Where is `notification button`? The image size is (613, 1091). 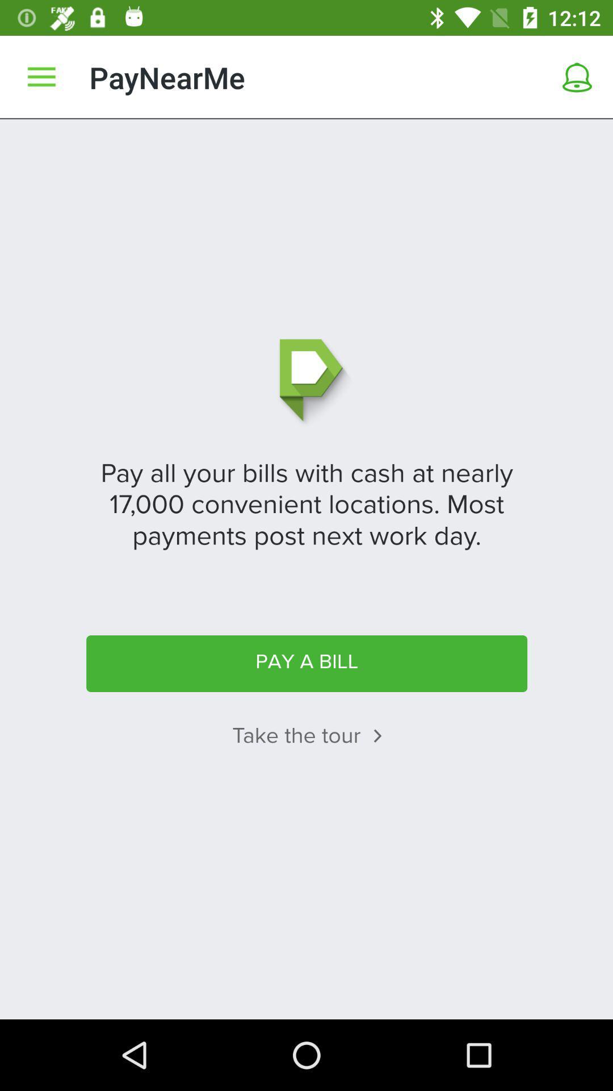
notification button is located at coordinates (577, 77).